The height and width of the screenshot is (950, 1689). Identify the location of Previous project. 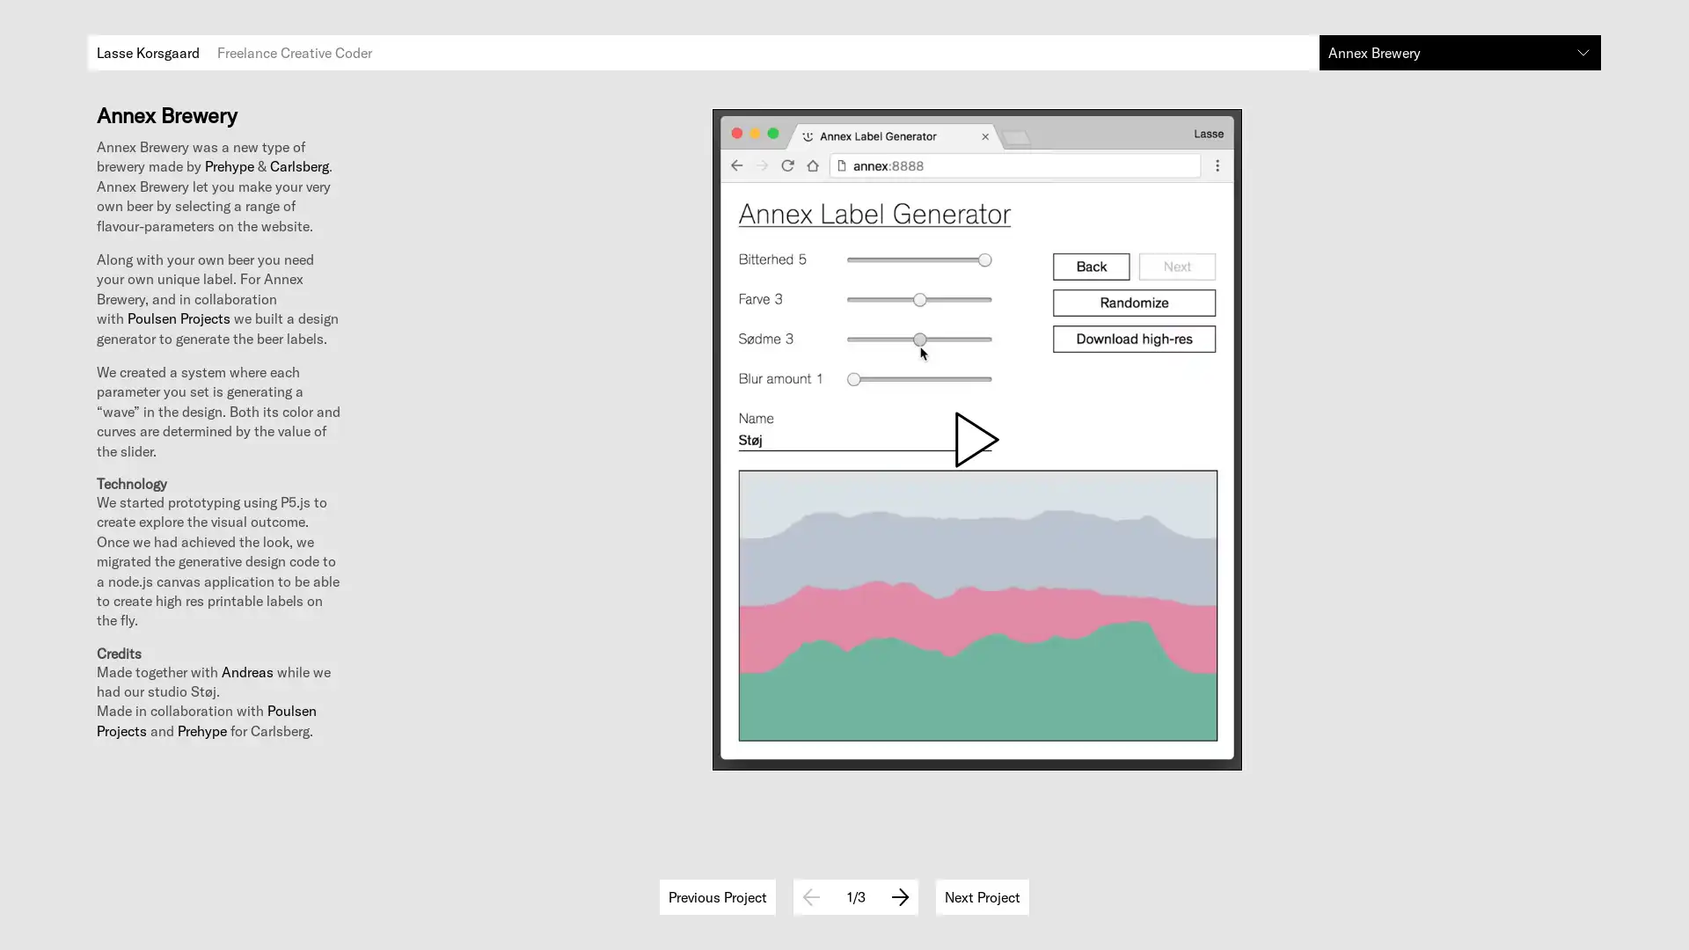
(718, 896).